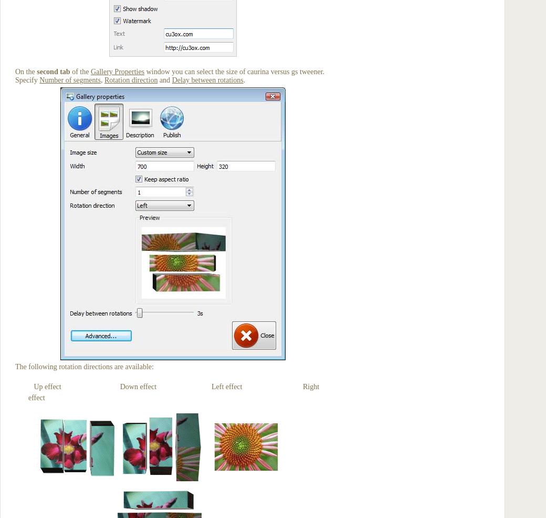  Describe the element at coordinates (164, 80) in the screenshot. I see `'and'` at that location.